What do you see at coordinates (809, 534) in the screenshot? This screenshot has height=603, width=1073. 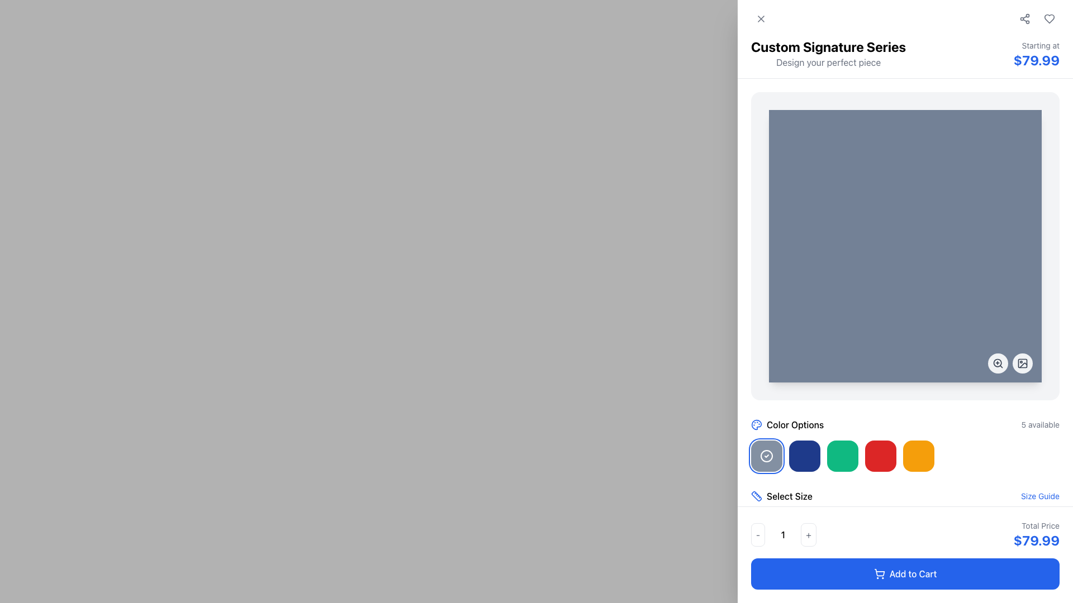 I see `the '+' button that increases the quantity of the item being adjusted for accessibility interactions` at bounding box center [809, 534].